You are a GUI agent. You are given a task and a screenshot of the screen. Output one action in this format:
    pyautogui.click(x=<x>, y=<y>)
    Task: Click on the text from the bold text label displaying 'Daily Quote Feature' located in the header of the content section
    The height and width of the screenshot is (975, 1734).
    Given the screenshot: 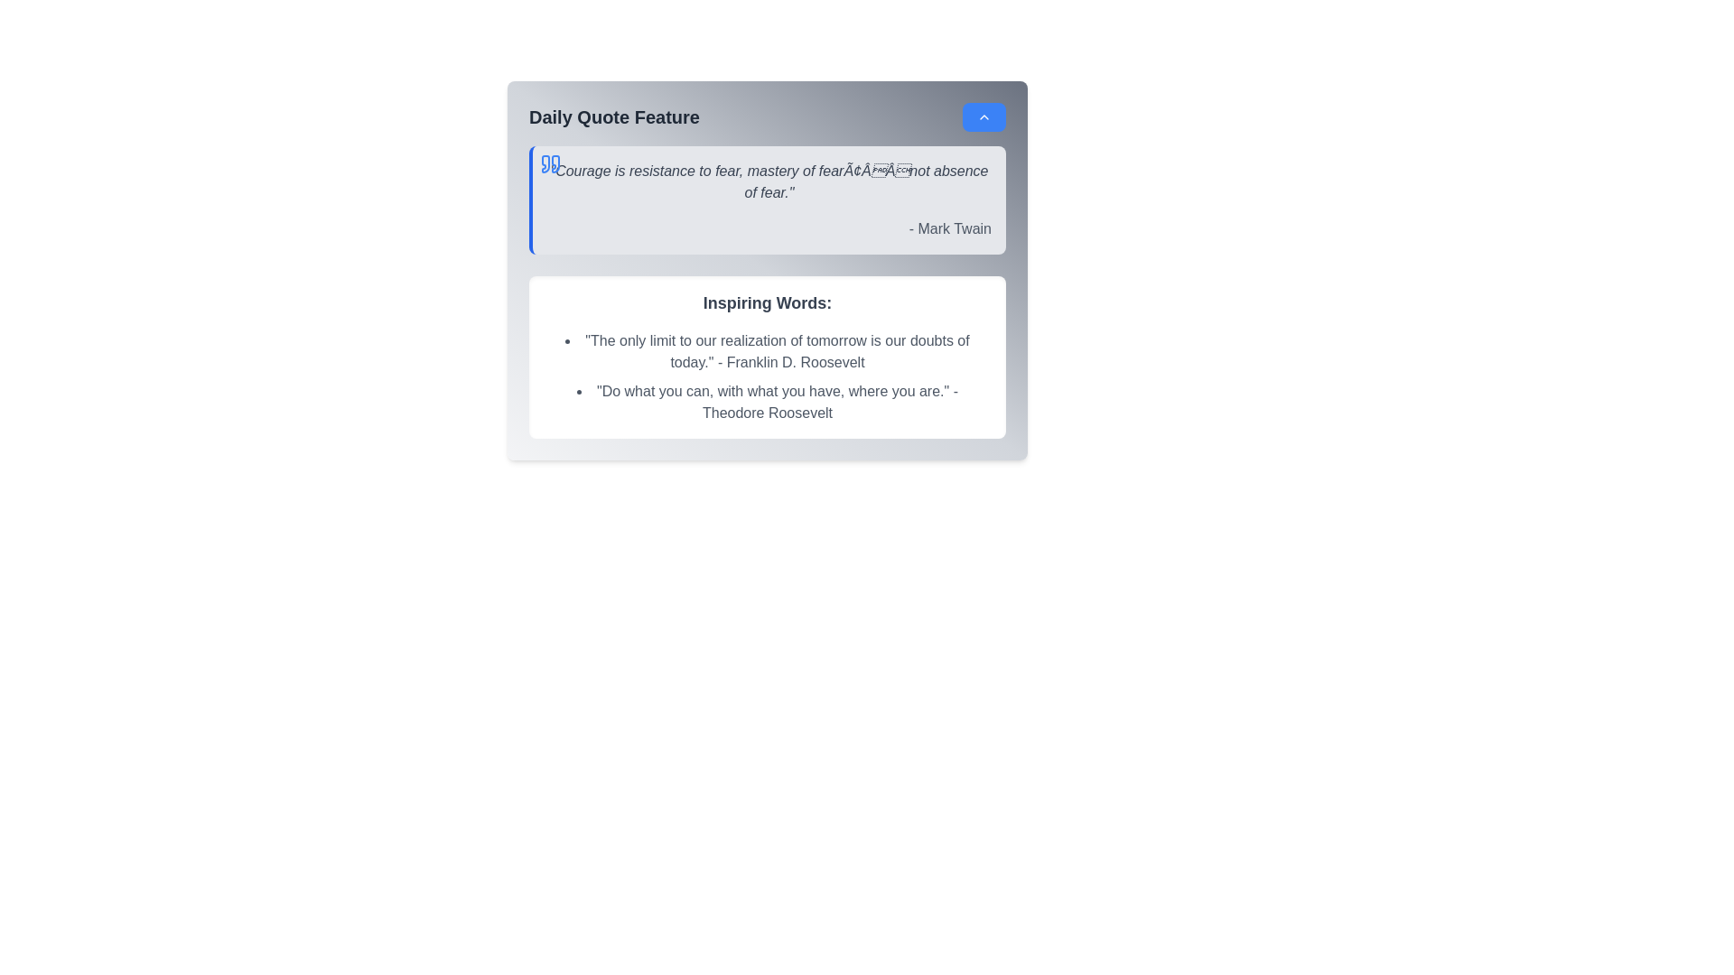 What is the action you would take?
    pyautogui.click(x=614, y=117)
    